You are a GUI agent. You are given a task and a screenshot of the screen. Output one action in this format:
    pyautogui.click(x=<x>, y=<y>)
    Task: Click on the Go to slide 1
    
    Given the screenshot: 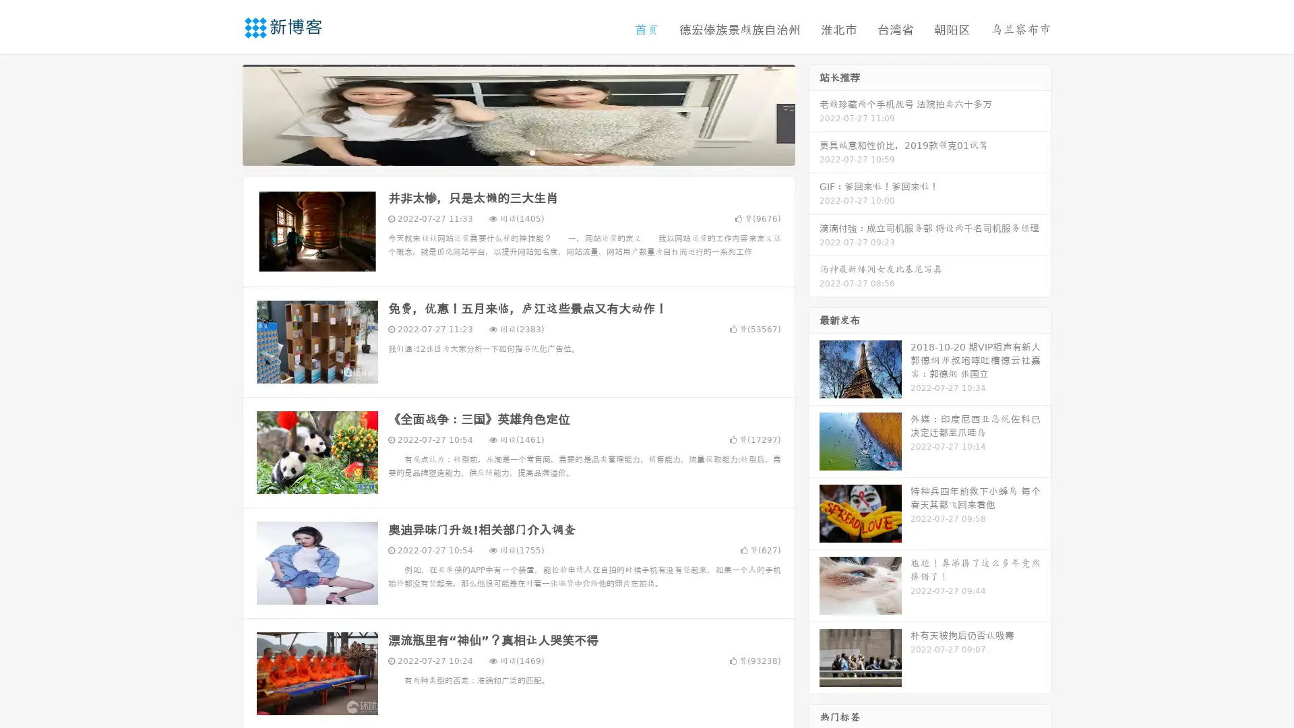 What is the action you would take?
    pyautogui.click(x=504, y=152)
    